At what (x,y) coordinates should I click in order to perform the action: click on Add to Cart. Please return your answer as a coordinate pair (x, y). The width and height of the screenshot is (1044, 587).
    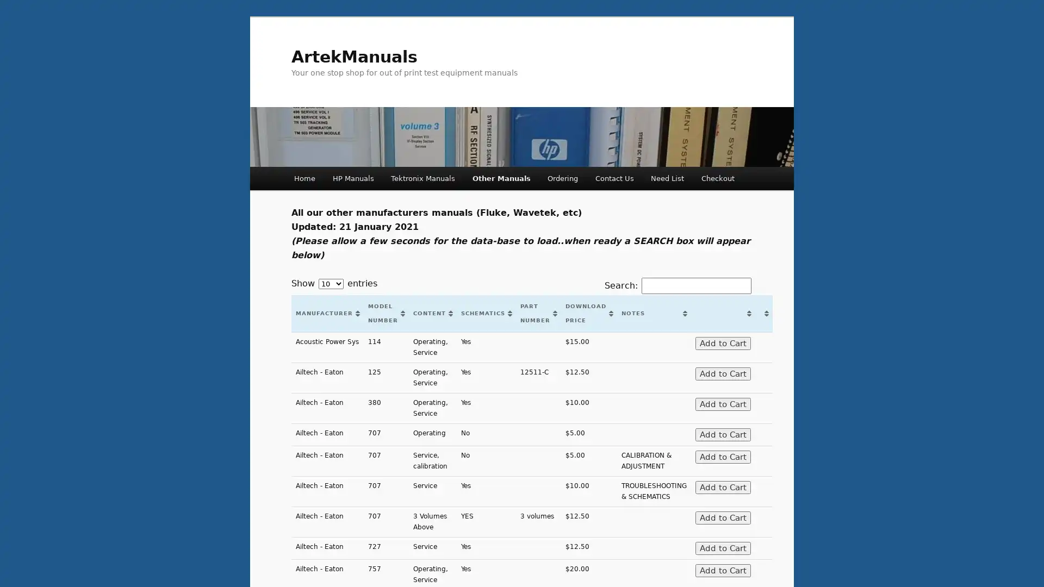
    Looking at the image, I should click on (723, 404).